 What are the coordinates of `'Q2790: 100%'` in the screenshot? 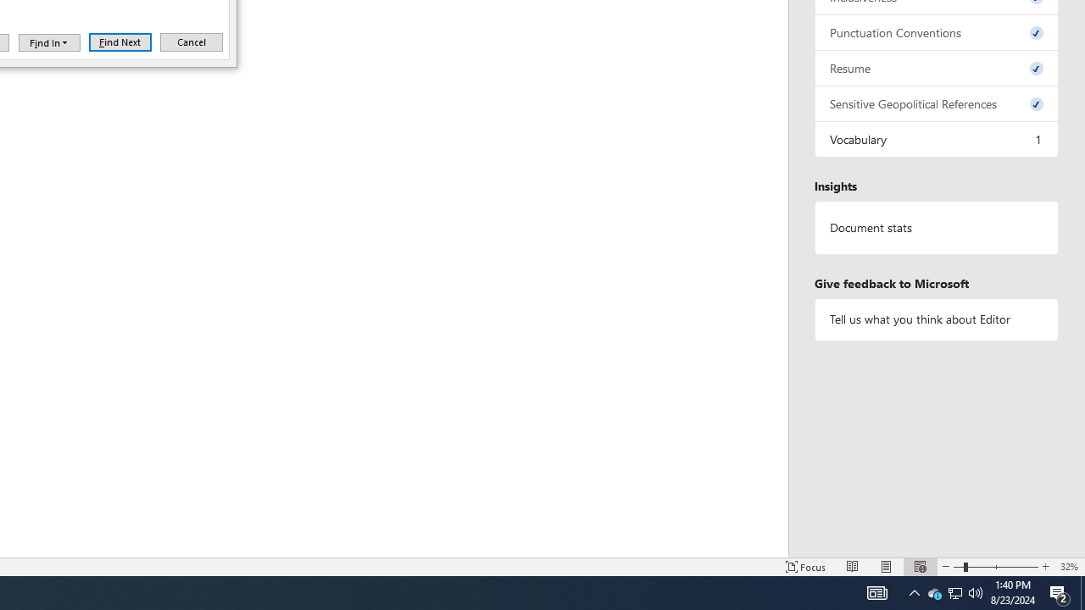 It's located at (955, 591).